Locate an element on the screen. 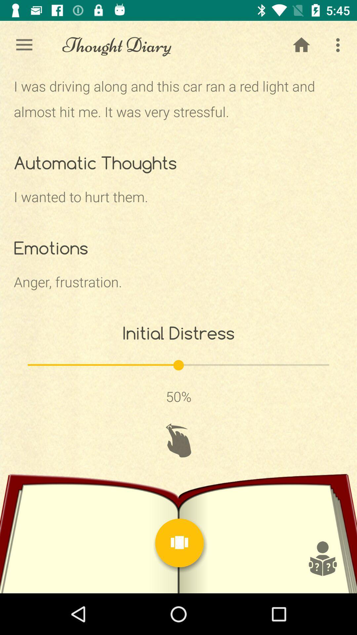 The width and height of the screenshot is (357, 635). symbol page picture is located at coordinates (322, 558).